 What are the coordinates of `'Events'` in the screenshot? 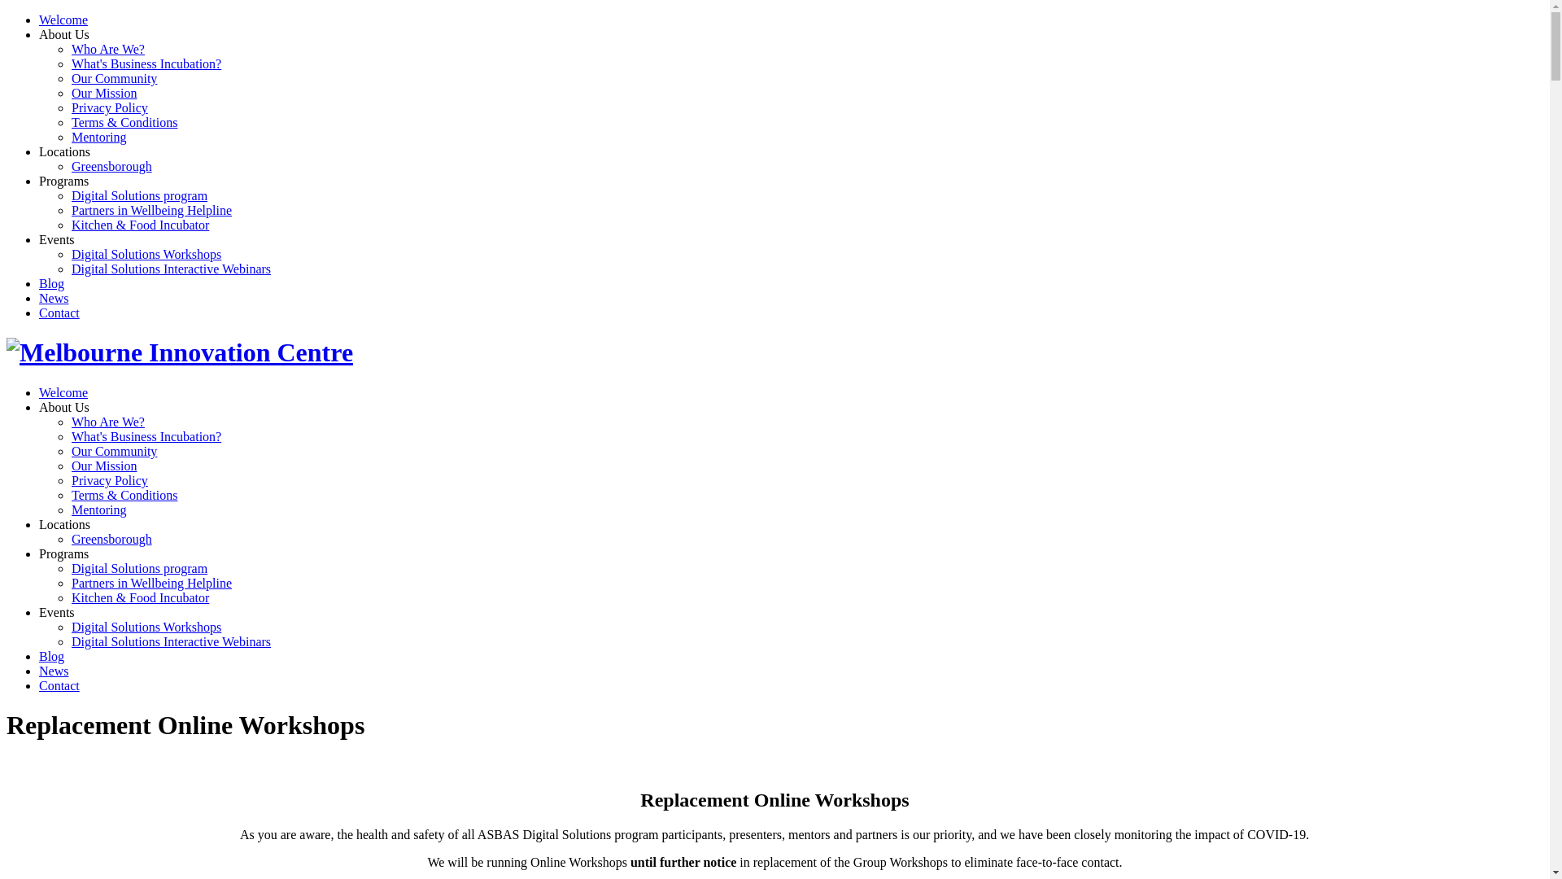 It's located at (39, 612).